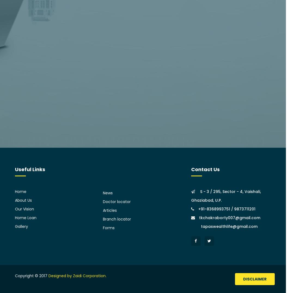  Describe the element at coordinates (226, 209) in the screenshot. I see `'+91-8368993751 / 9873711201'` at that location.